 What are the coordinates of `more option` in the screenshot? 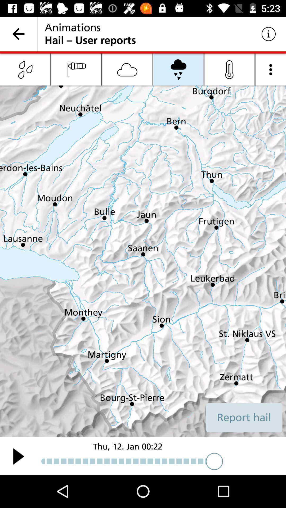 It's located at (271, 69).